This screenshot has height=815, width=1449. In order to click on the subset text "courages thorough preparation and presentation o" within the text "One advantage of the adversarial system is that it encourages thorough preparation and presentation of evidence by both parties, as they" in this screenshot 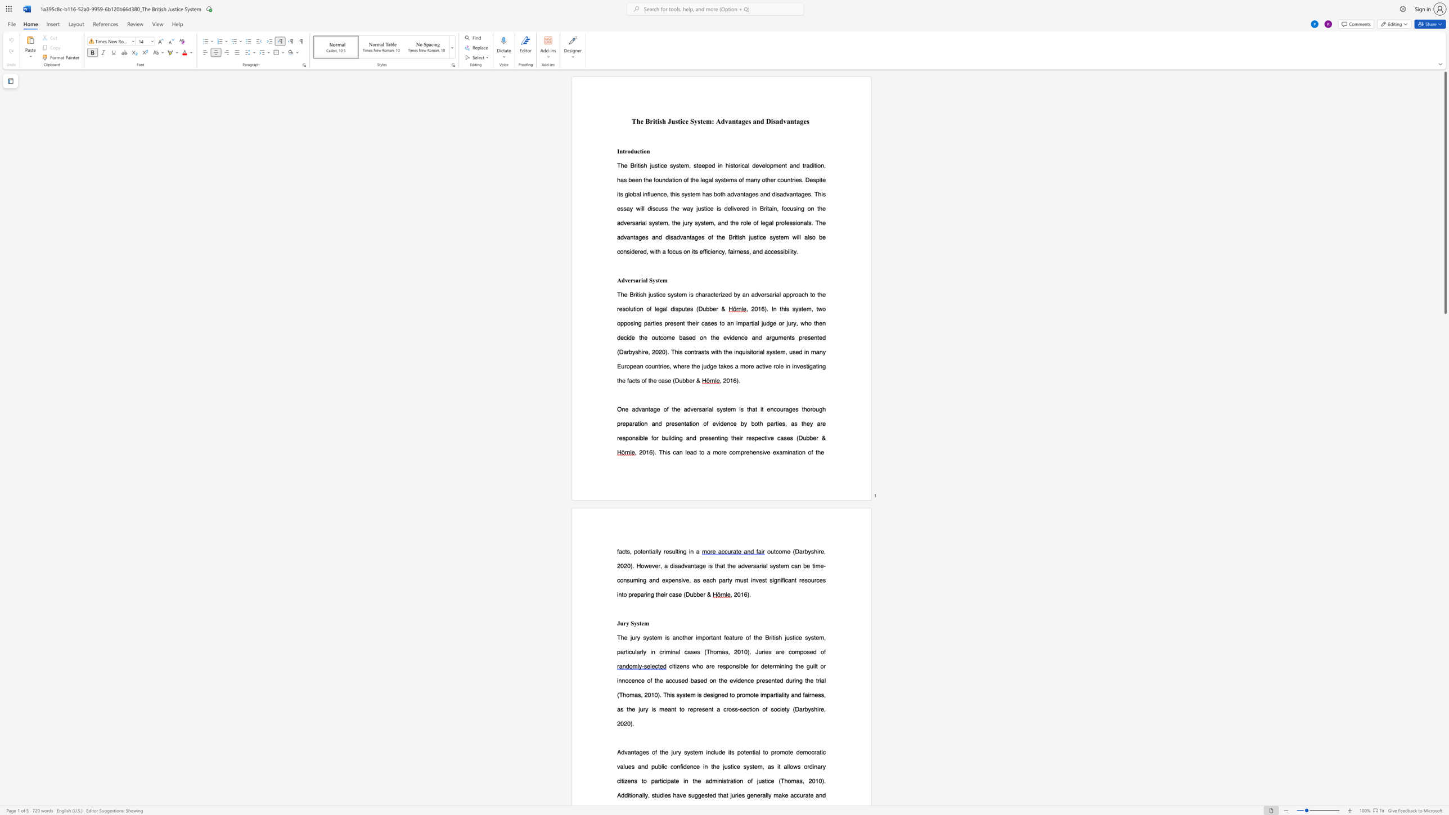, I will do `click(773, 408)`.